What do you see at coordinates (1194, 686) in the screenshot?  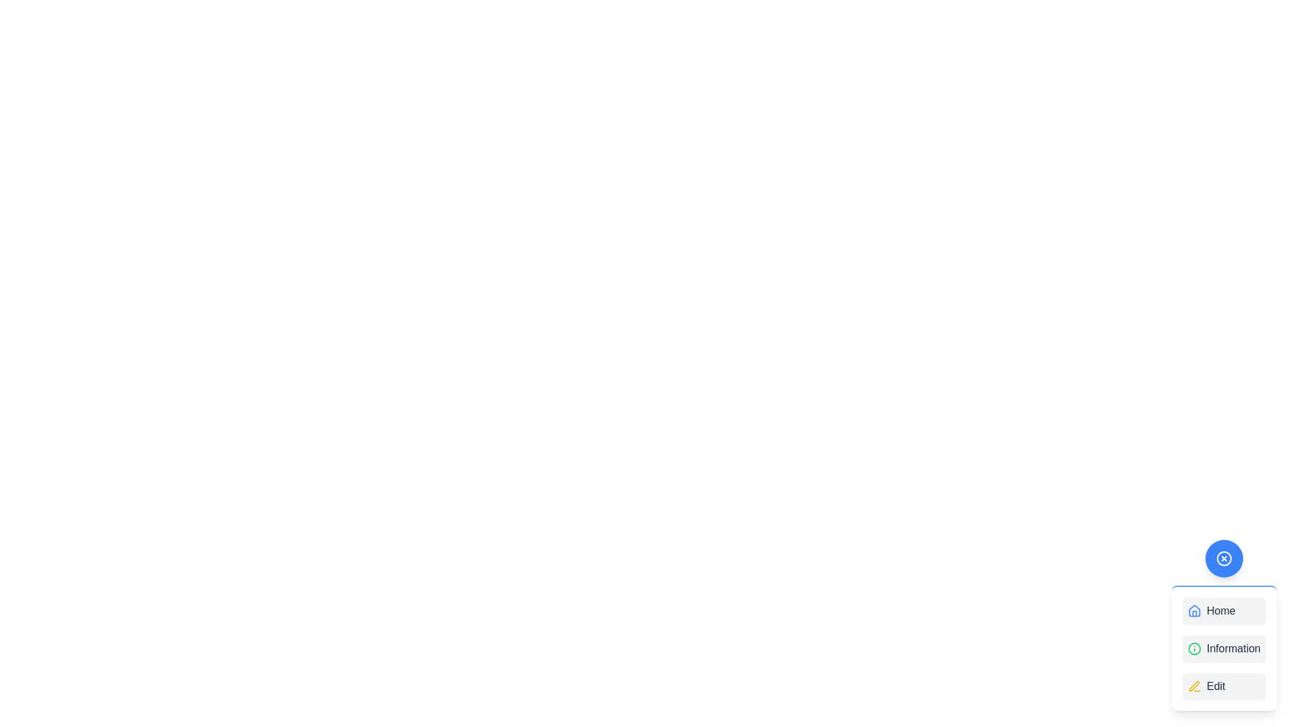 I see `the yellow pen icon located on the left side of the 'Edit' button, which is part of a vertical list of options near the bottom-right corner of the interface` at bounding box center [1194, 686].